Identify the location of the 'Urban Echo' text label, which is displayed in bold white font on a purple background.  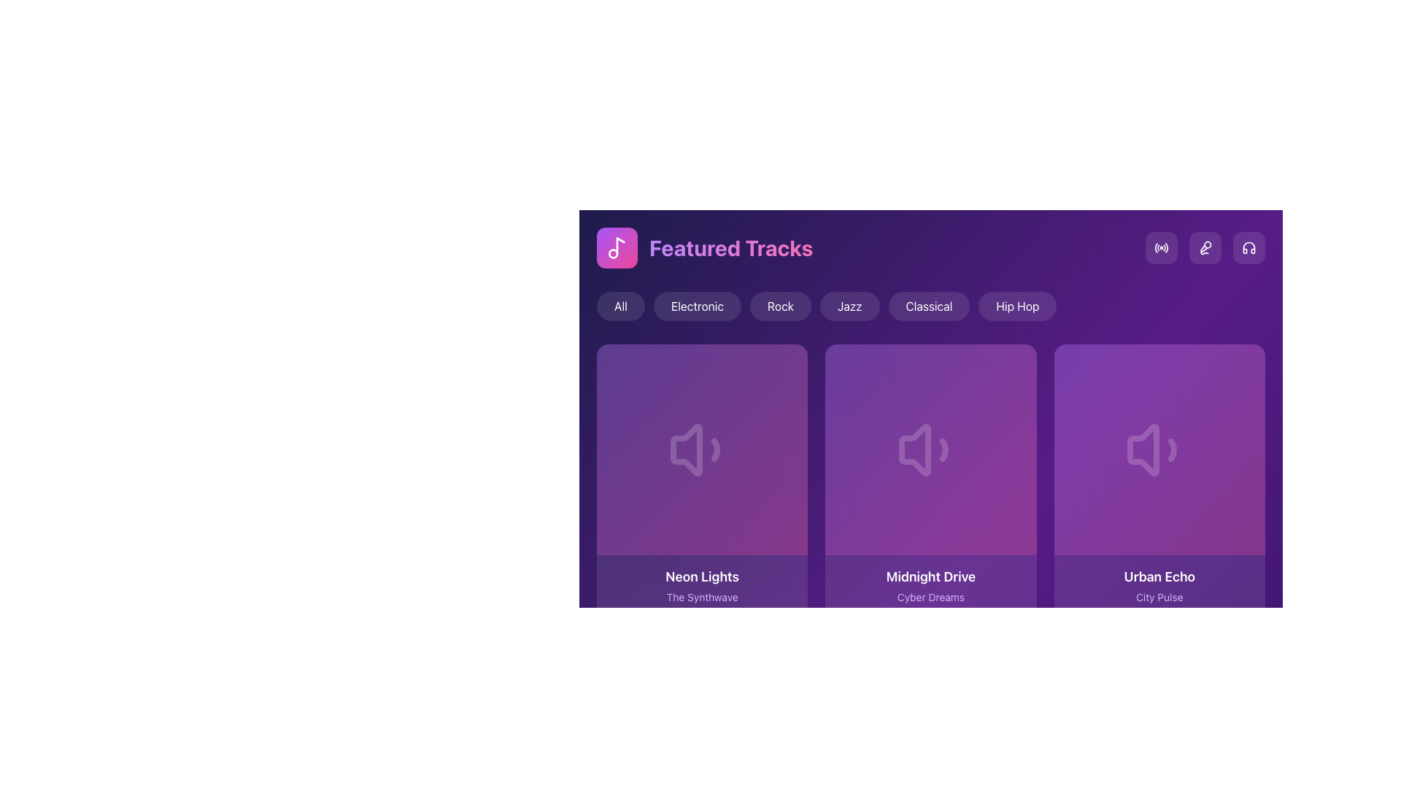
(1159, 576).